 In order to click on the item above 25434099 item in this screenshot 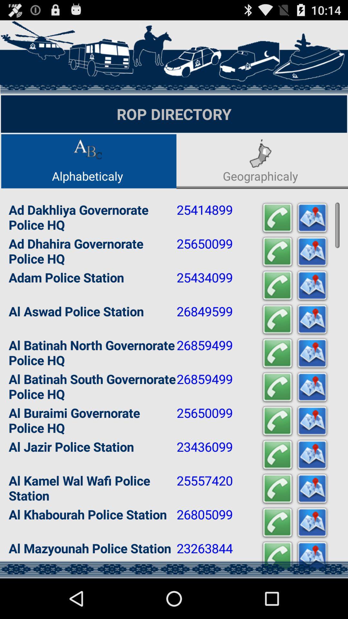, I will do `click(277, 251)`.